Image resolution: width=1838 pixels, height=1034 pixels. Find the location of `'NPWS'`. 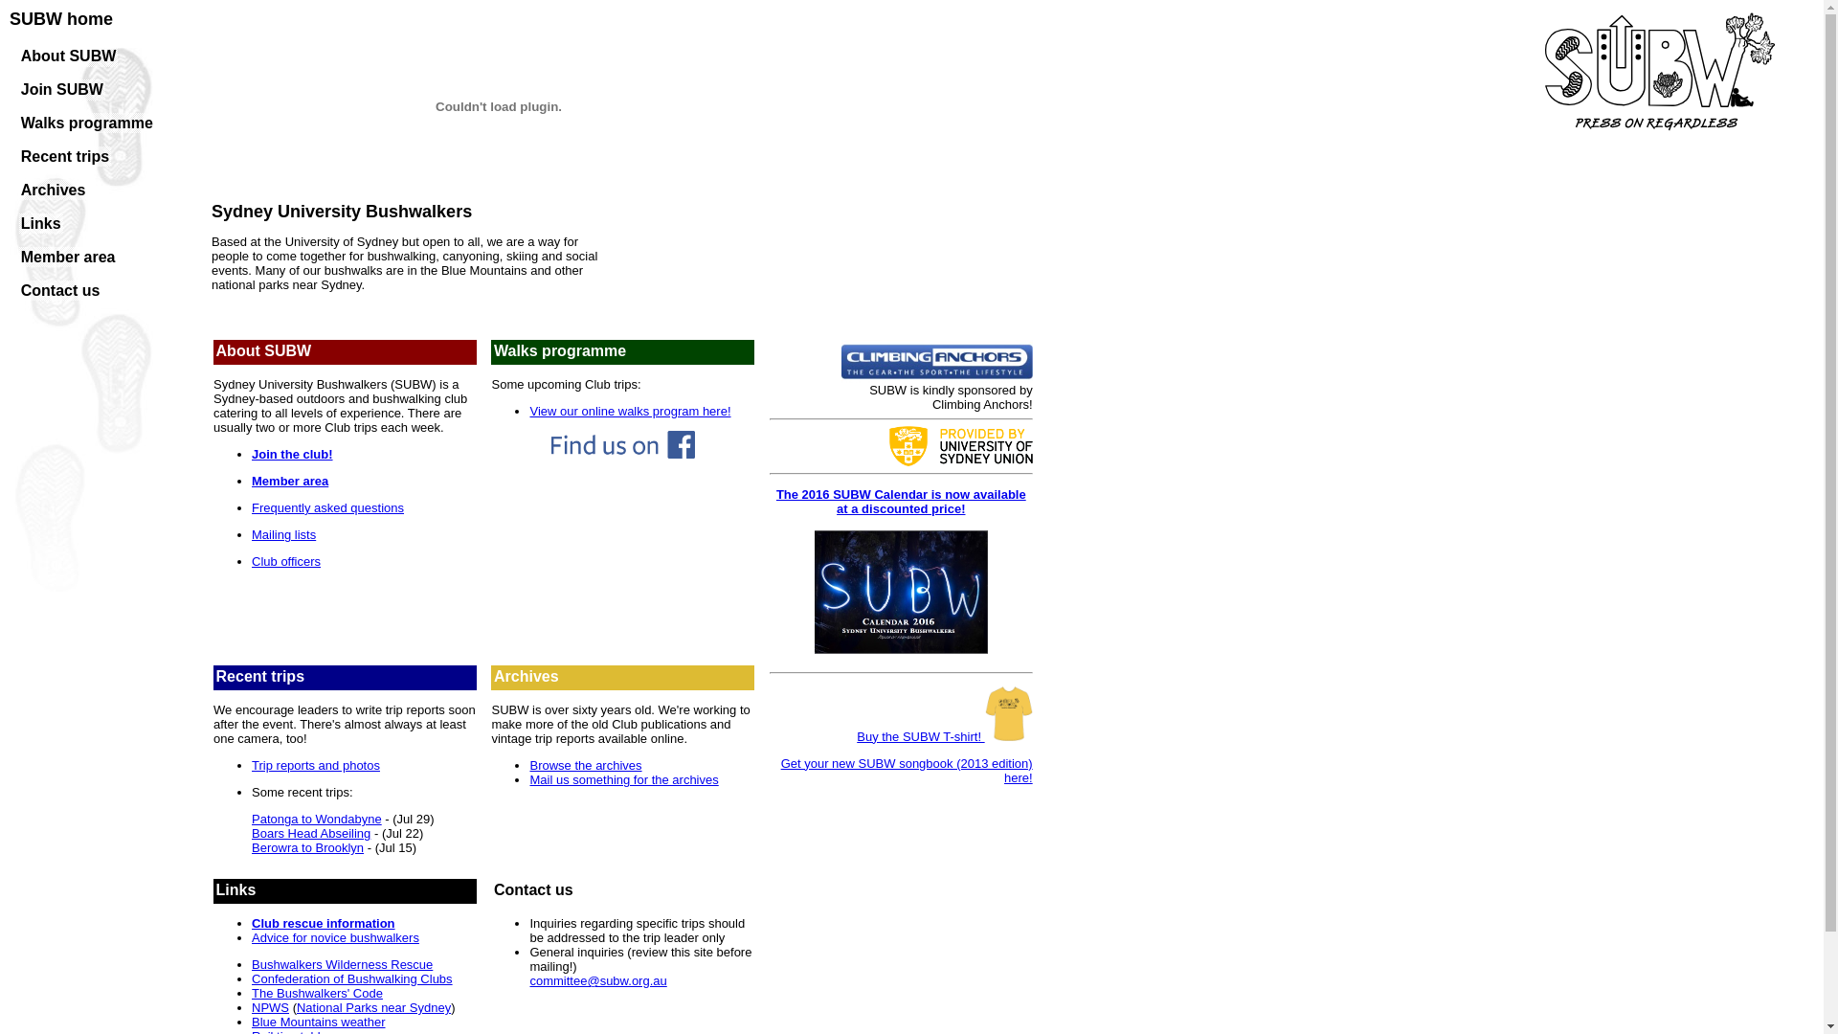

'NPWS' is located at coordinates (269, 1006).